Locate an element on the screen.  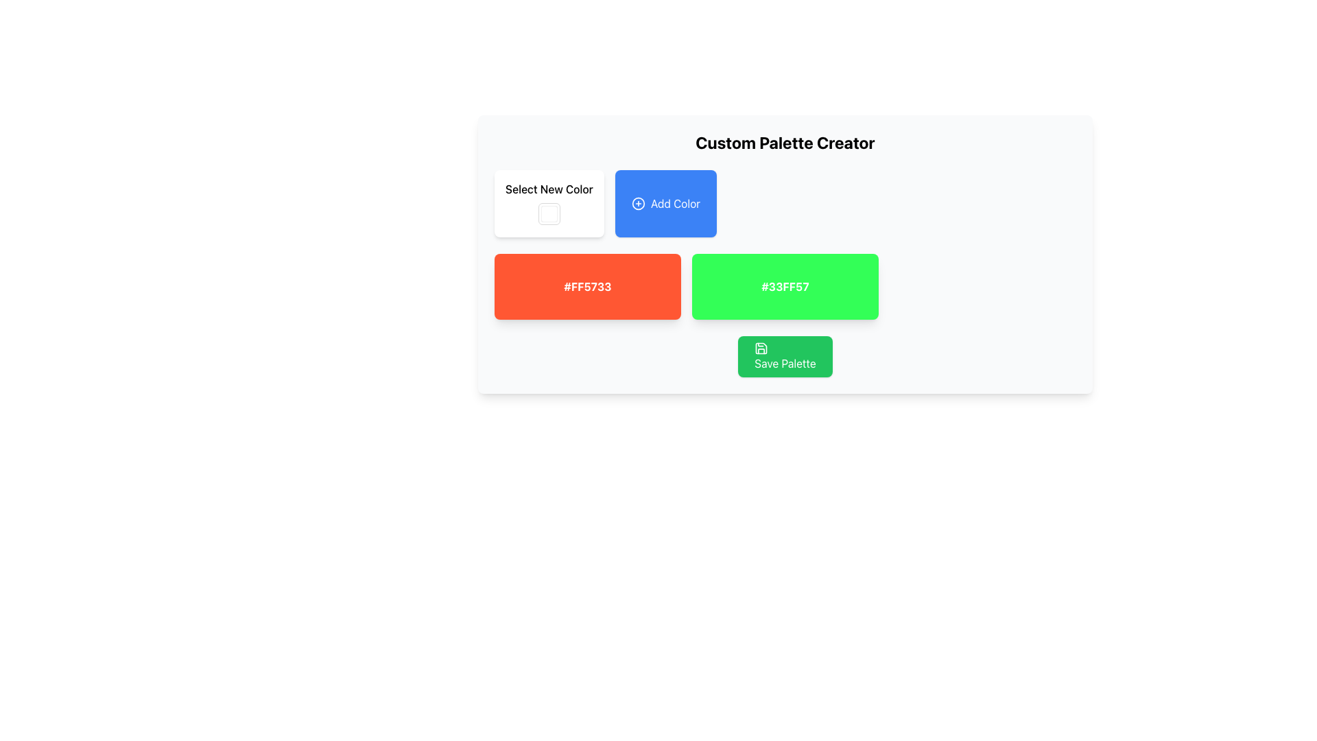
the bright green Color display box containing the text '#33FF57', located in the second column below the 'Custom Palette Creator' header is located at coordinates (785, 285).